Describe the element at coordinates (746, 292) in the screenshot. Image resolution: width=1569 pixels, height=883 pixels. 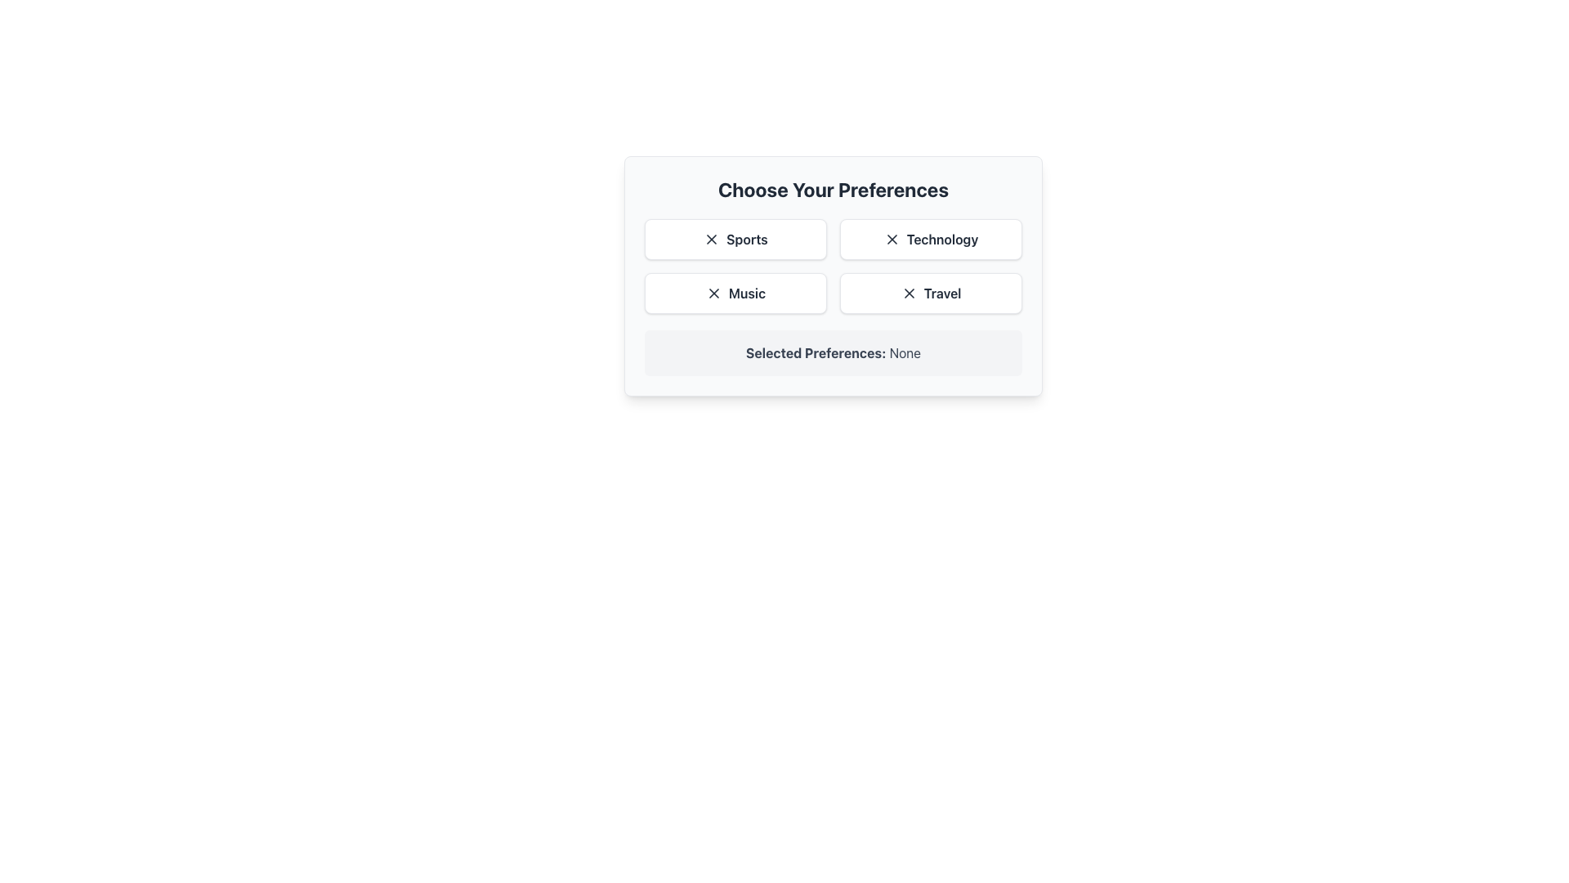
I see `the 'Music' text label, which is styled in bold and located within a button in the second row, first column of a two-by-two grid of selectable options` at that location.